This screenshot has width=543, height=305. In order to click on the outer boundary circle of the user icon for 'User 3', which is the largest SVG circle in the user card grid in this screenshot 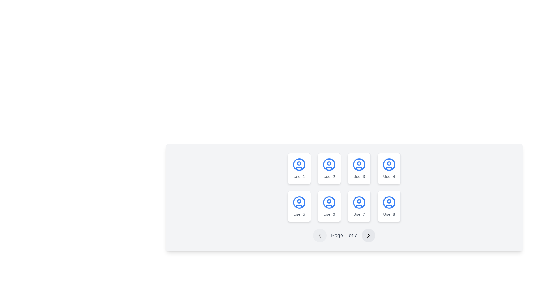, I will do `click(359, 164)`.